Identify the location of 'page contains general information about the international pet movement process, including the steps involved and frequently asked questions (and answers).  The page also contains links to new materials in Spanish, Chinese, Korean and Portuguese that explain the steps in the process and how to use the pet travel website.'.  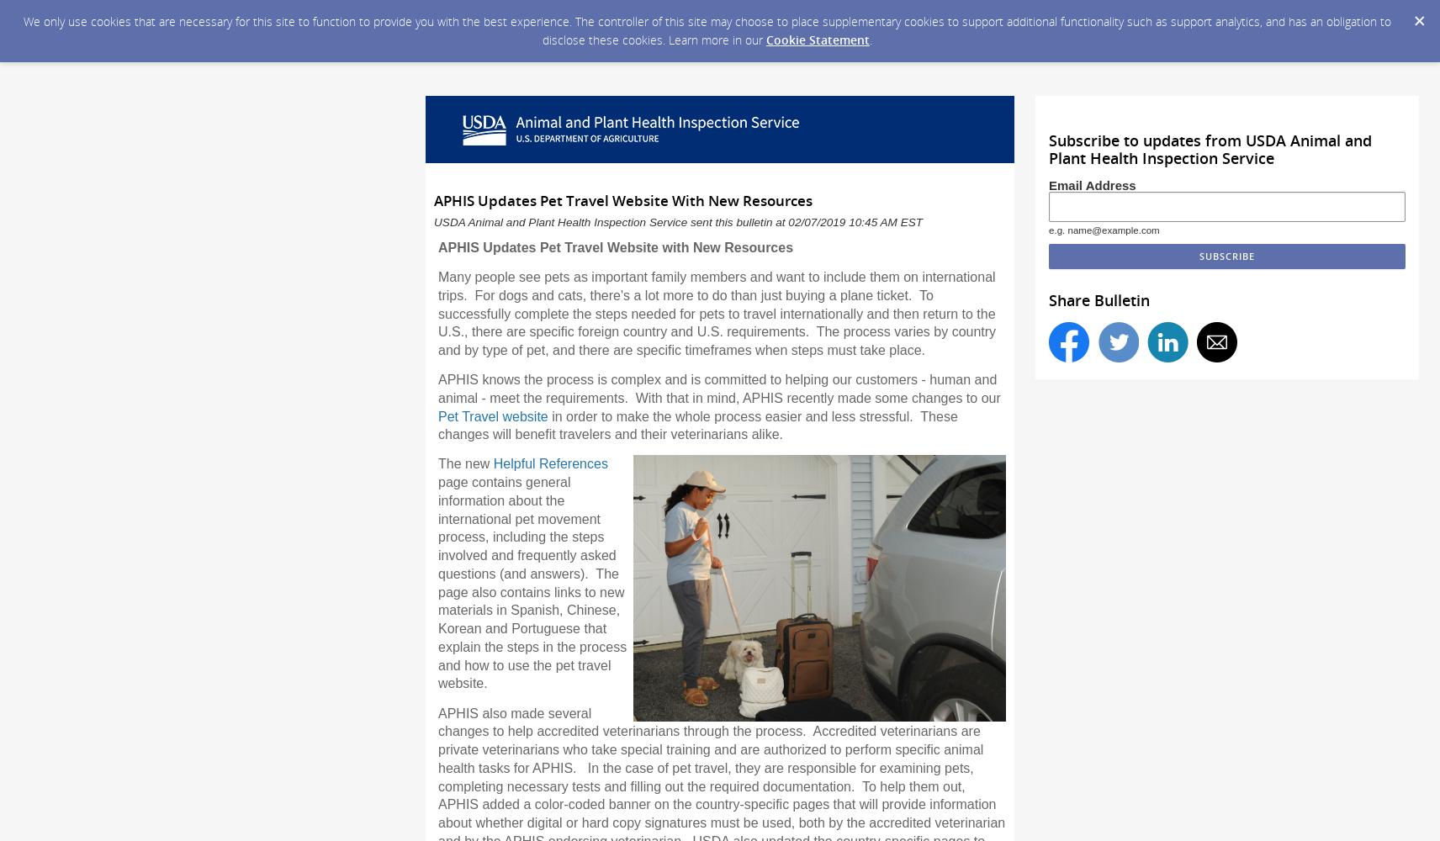
(437, 582).